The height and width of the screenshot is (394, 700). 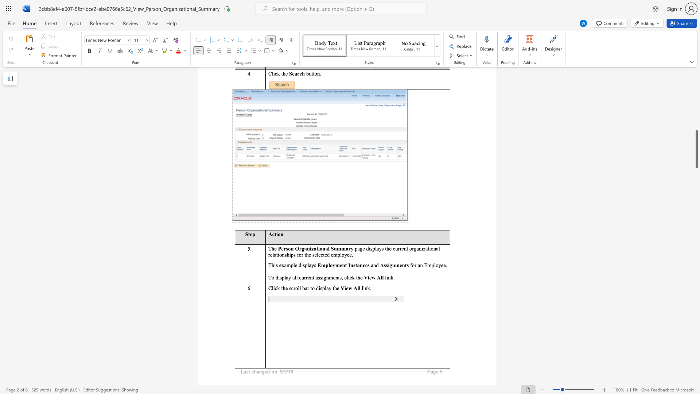 I want to click on the space between the continuous character "e" and "x" in the text, so click(x=281, y=265).